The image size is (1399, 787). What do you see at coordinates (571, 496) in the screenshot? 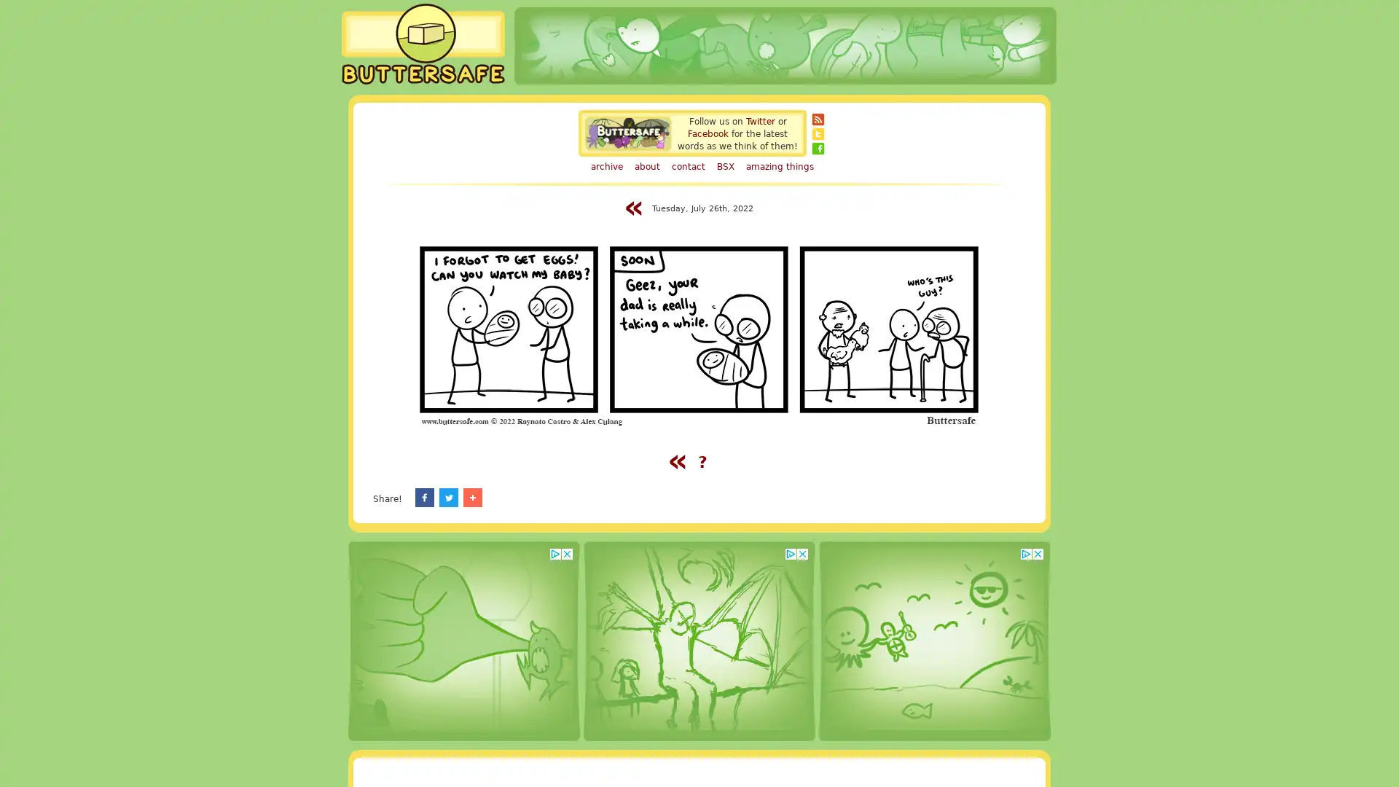
I see `Share to More More` at bounding box center [571, 496].